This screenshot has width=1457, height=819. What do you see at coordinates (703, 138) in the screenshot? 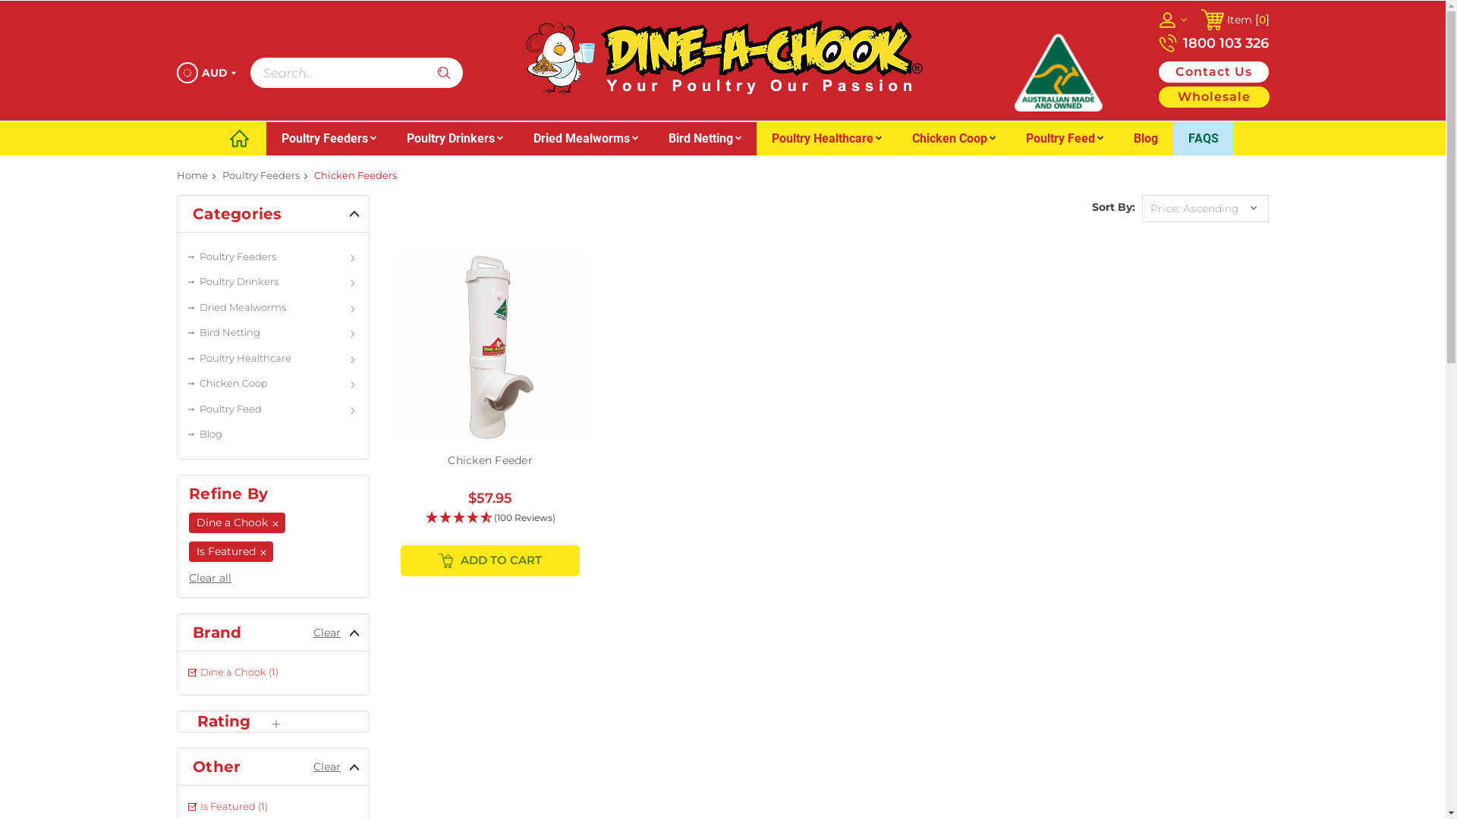
I see `'Bird Netting'` at bounding box center [703, 138].